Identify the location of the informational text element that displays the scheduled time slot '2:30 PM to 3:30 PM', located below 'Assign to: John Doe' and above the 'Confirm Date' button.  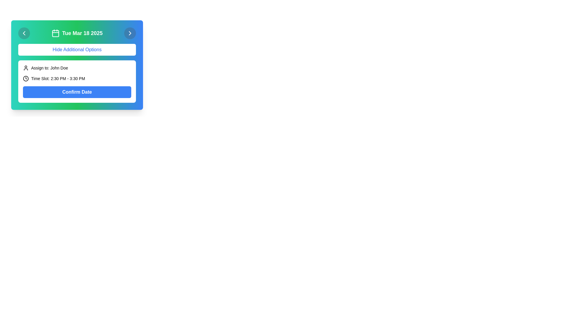
(77, 78).